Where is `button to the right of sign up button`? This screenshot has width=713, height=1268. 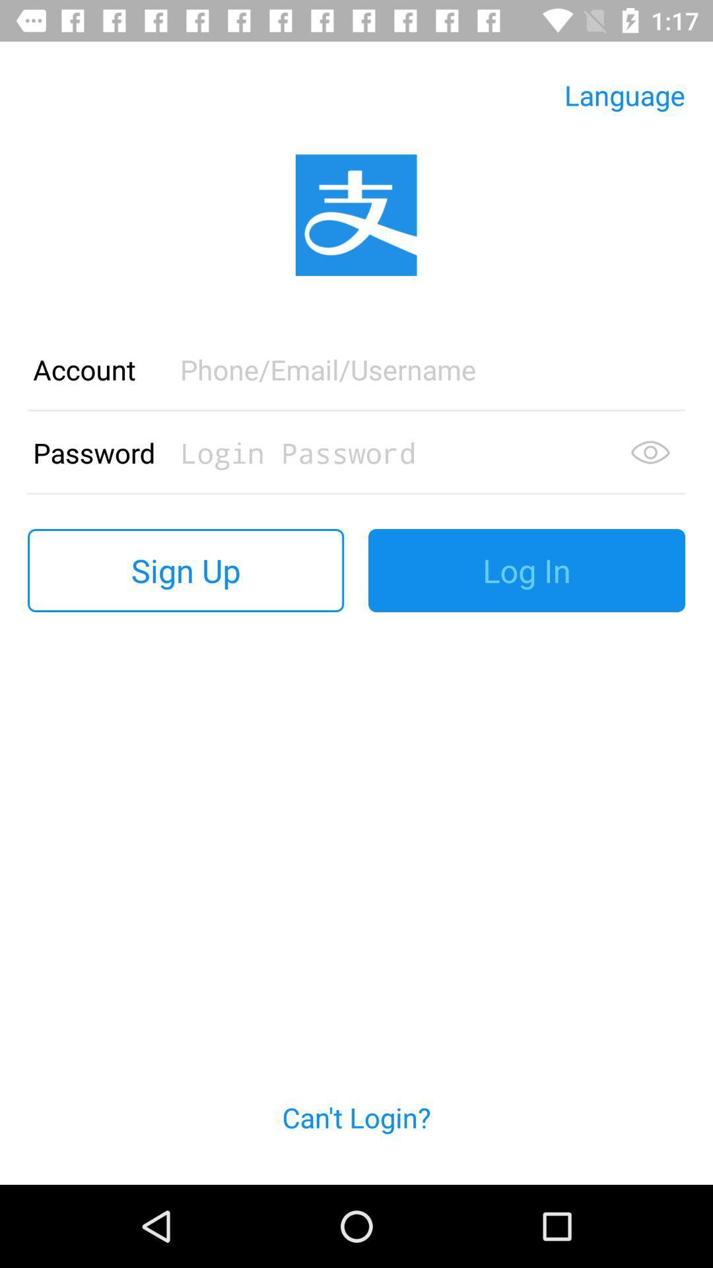
button to the right of sign up button is located at coordinates (526, 571).